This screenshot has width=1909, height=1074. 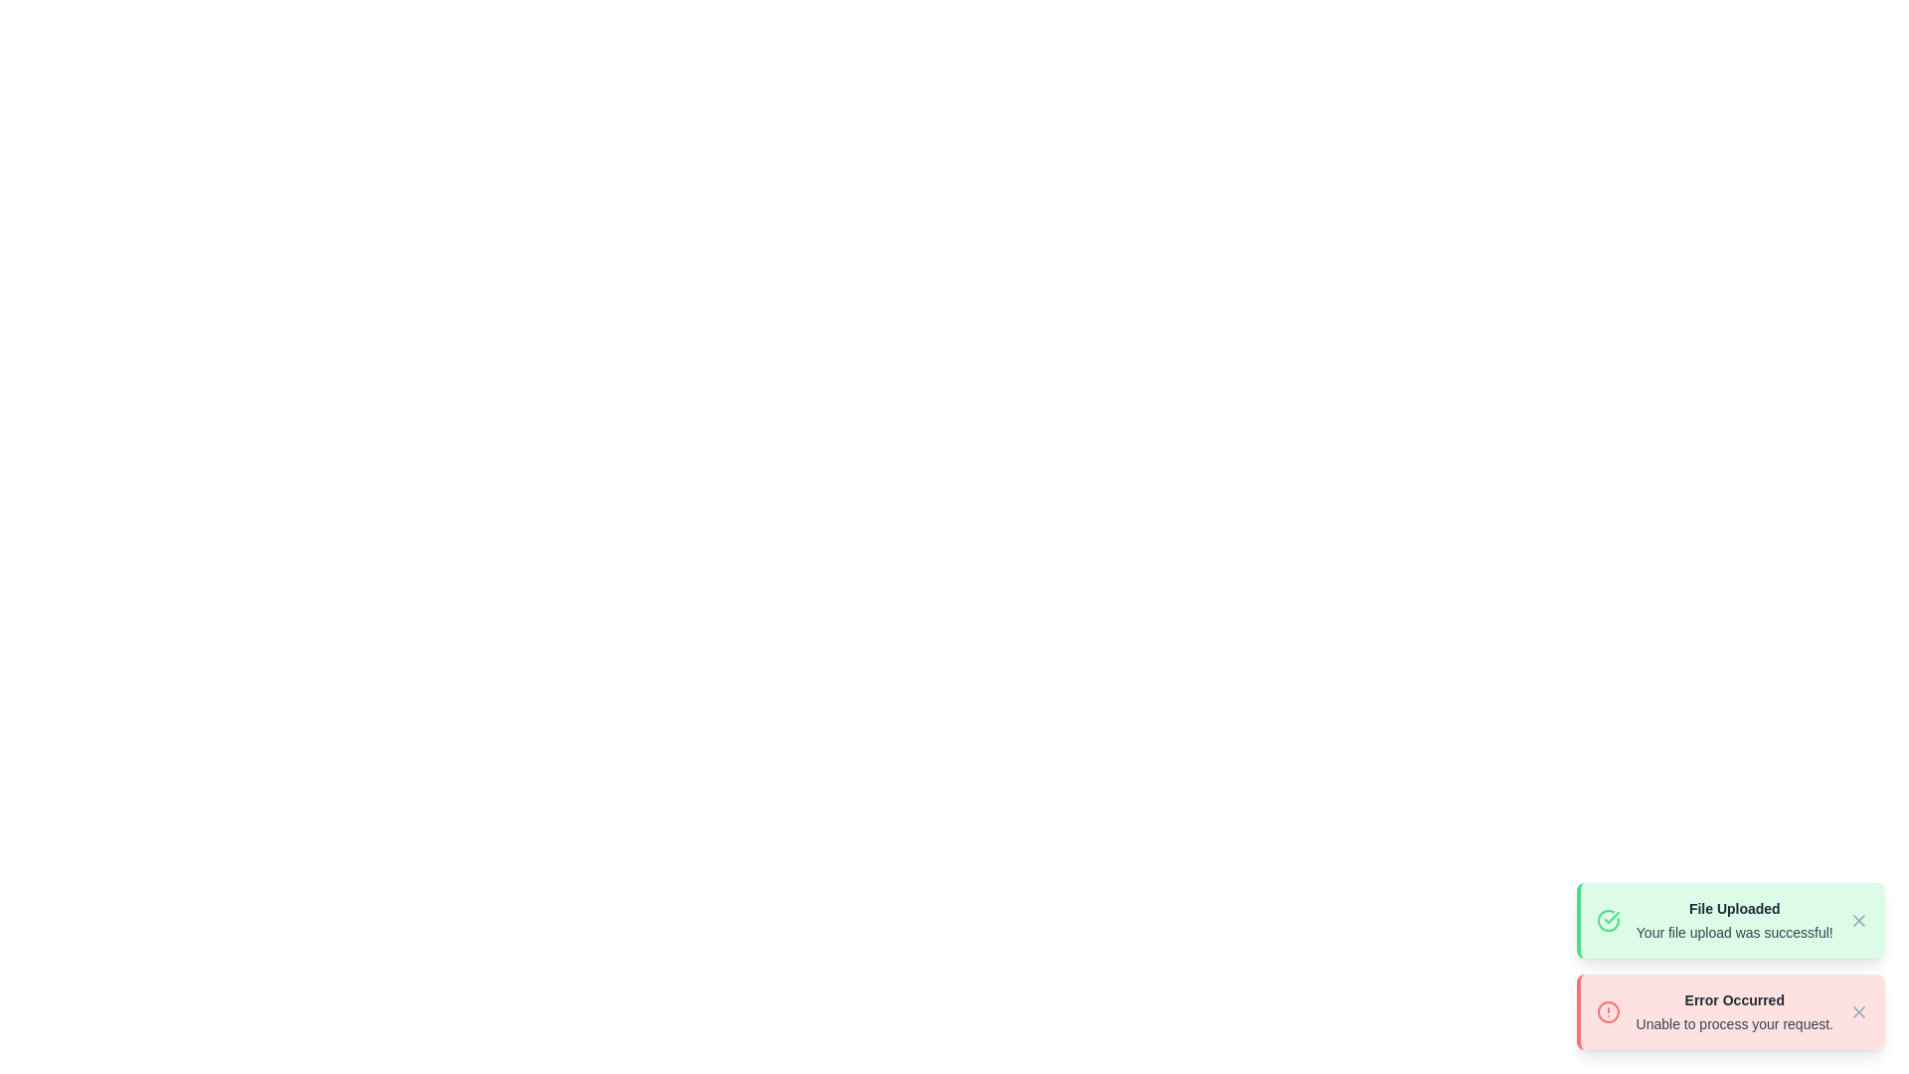 I want to click on error message text block located in the bottom-right section of the interface, which is part of the notification component, positioned between an icon and a close button, so click(x=1733, y=1012).